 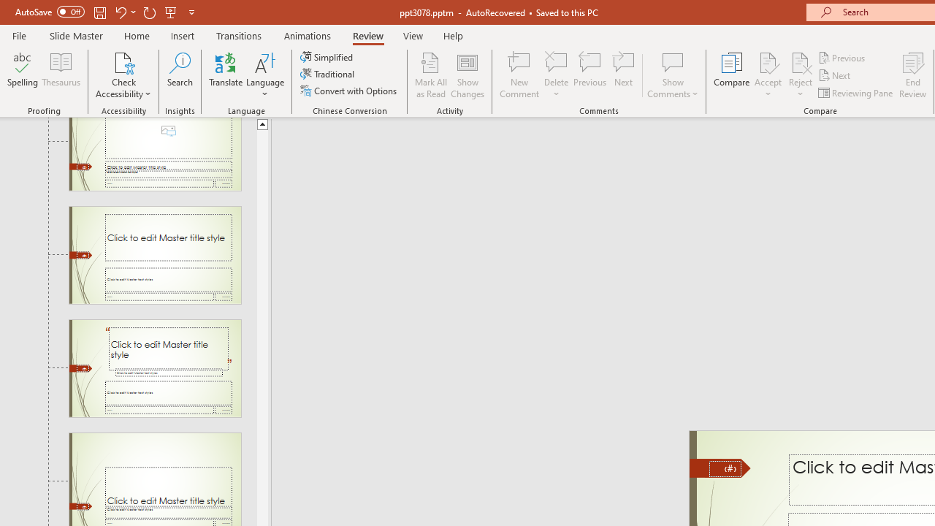 I want to click on 'Slide Number', so click(x=725, y=468).